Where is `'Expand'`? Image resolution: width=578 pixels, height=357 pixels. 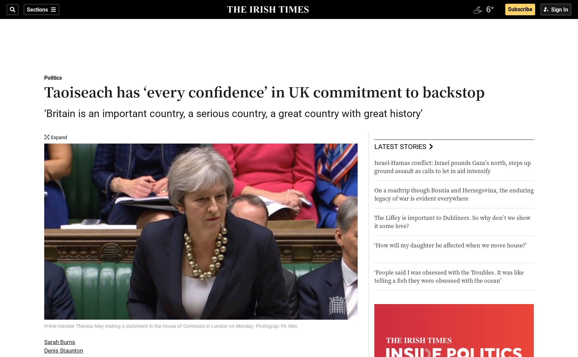 'Expand' is located at coordinates (50, 137).